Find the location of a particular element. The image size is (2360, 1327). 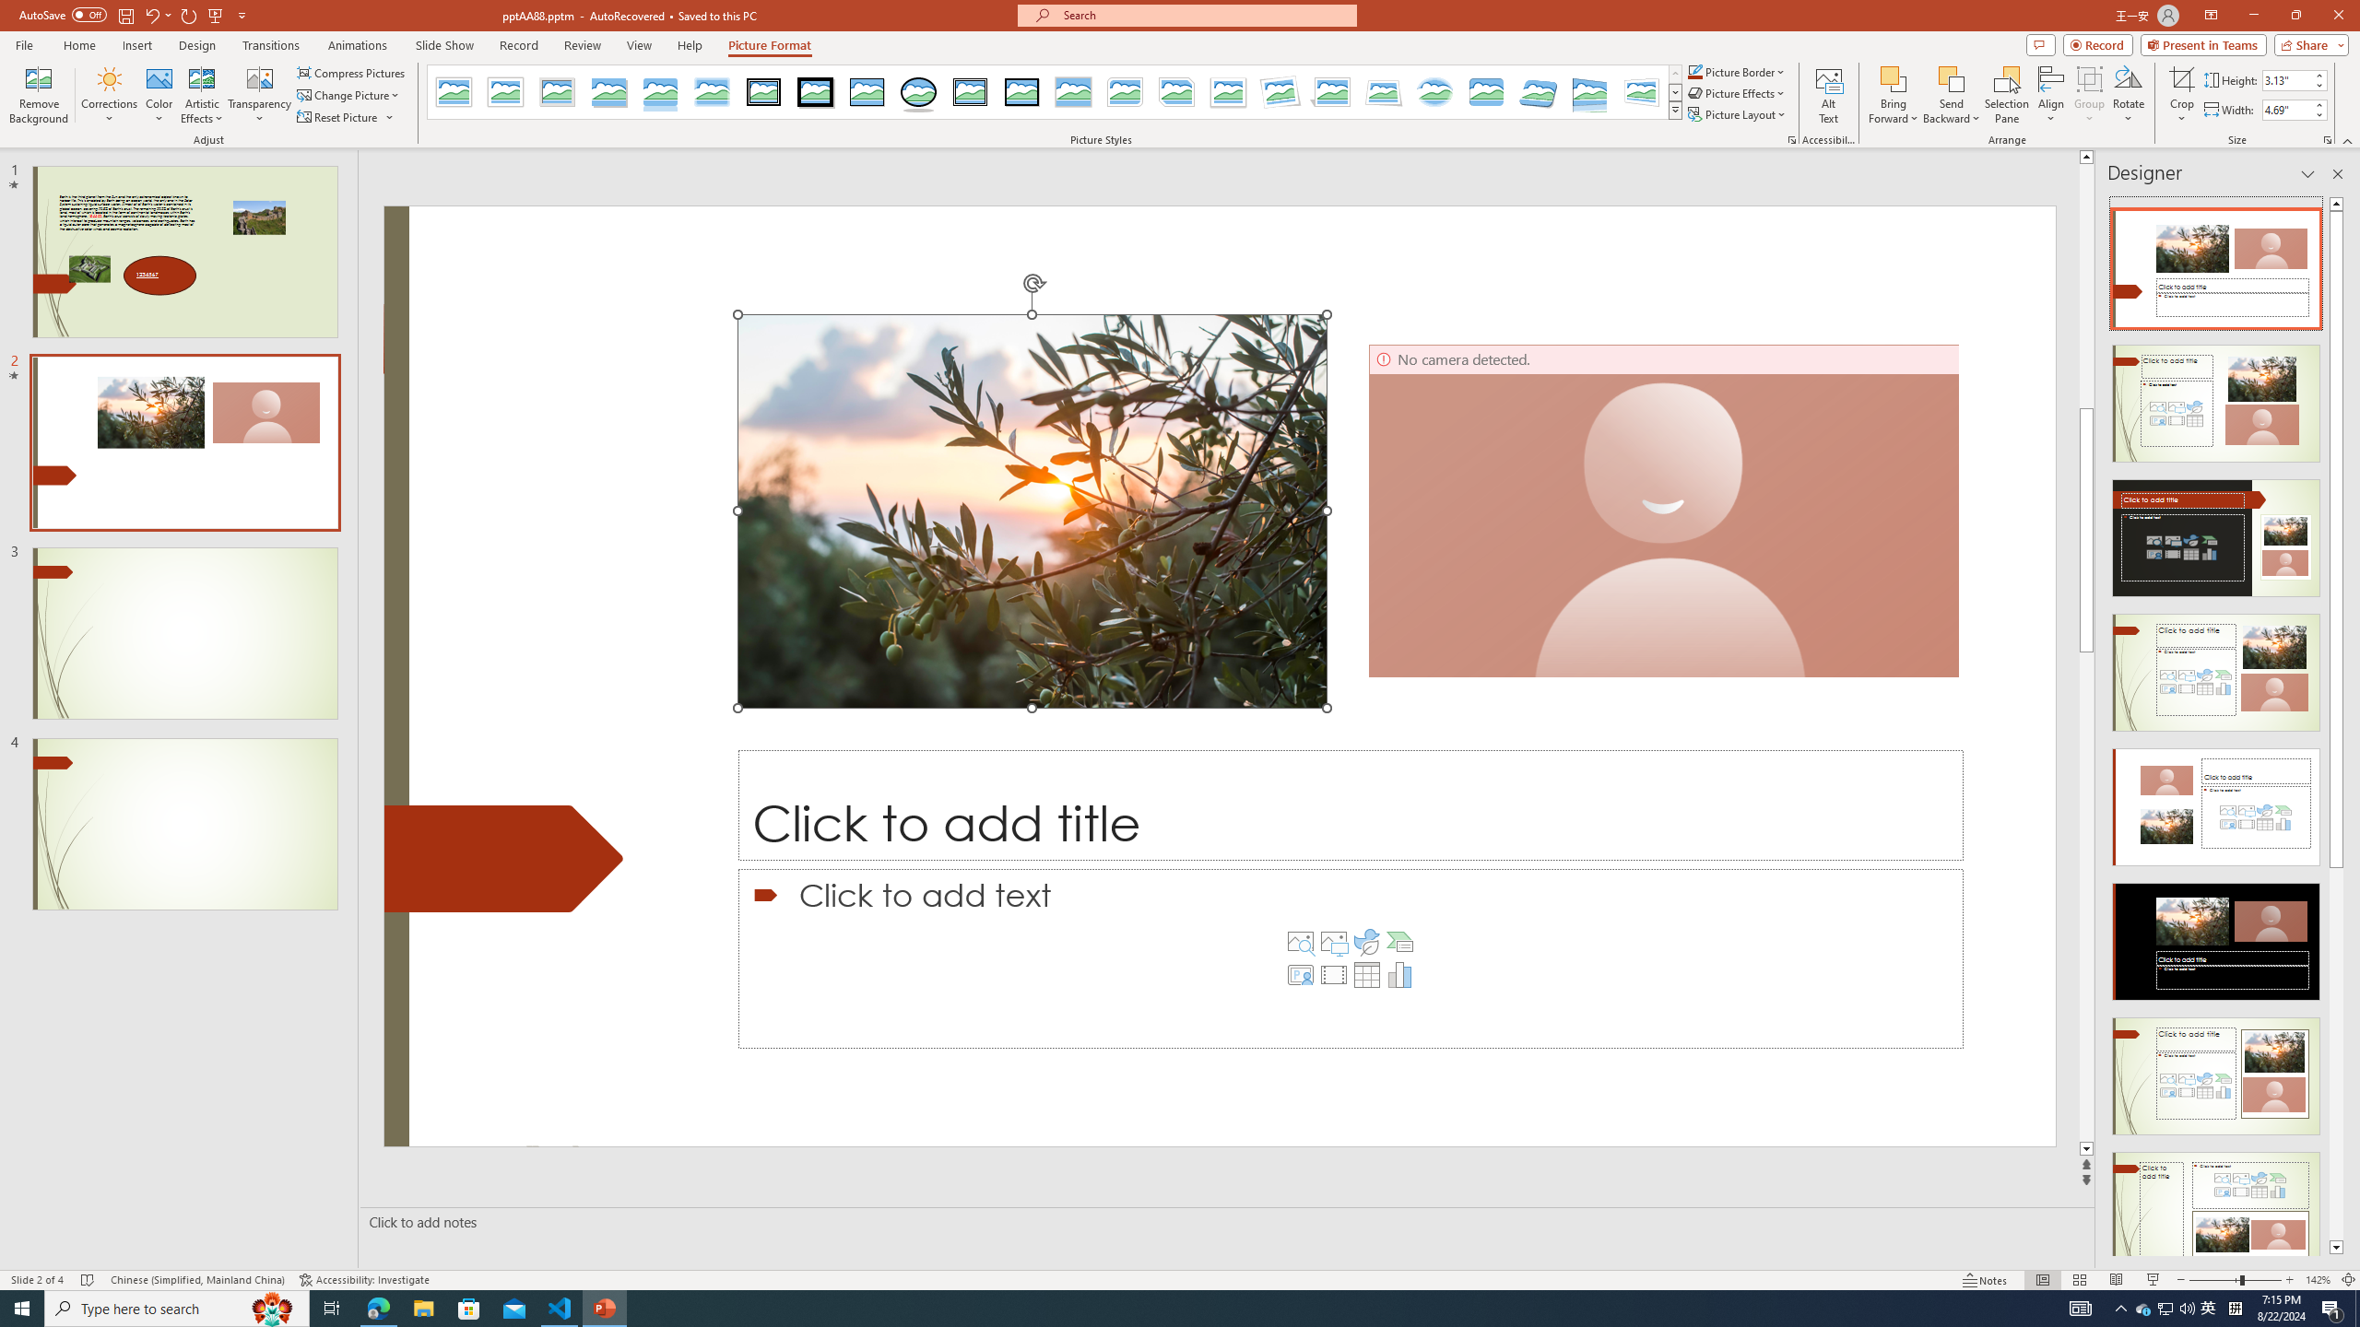

'Stock Images' is located at coordinates (1300, 942).